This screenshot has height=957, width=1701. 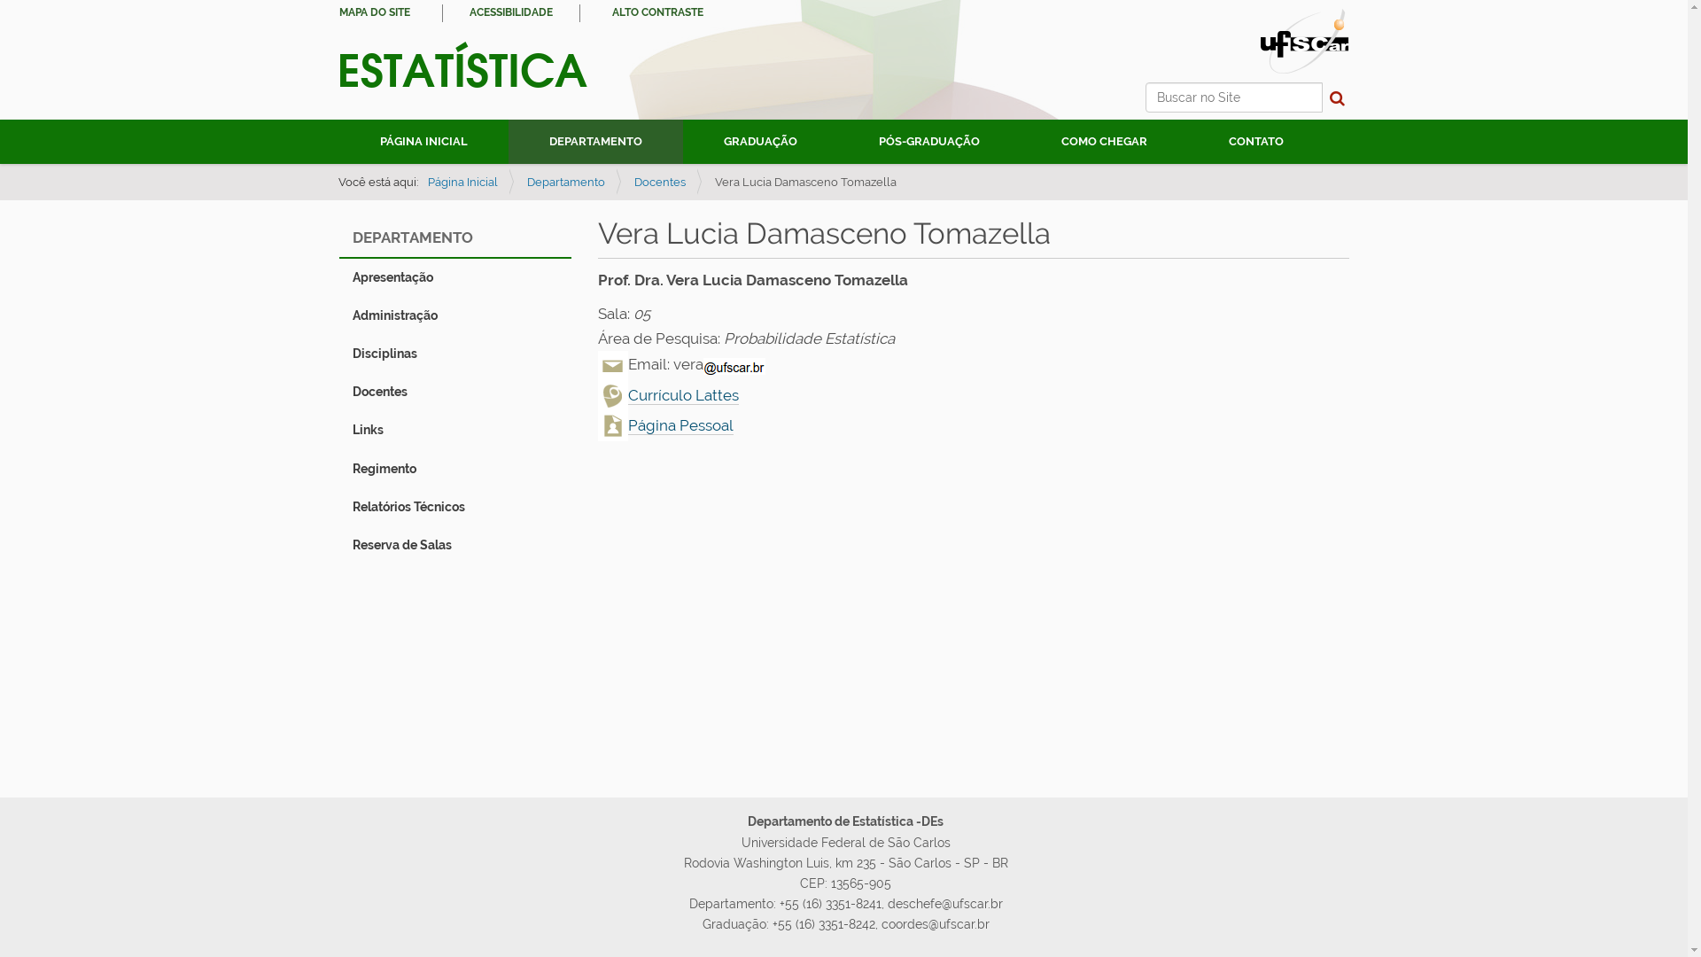 I want to click on 'Links', so click(x=367, y=430).